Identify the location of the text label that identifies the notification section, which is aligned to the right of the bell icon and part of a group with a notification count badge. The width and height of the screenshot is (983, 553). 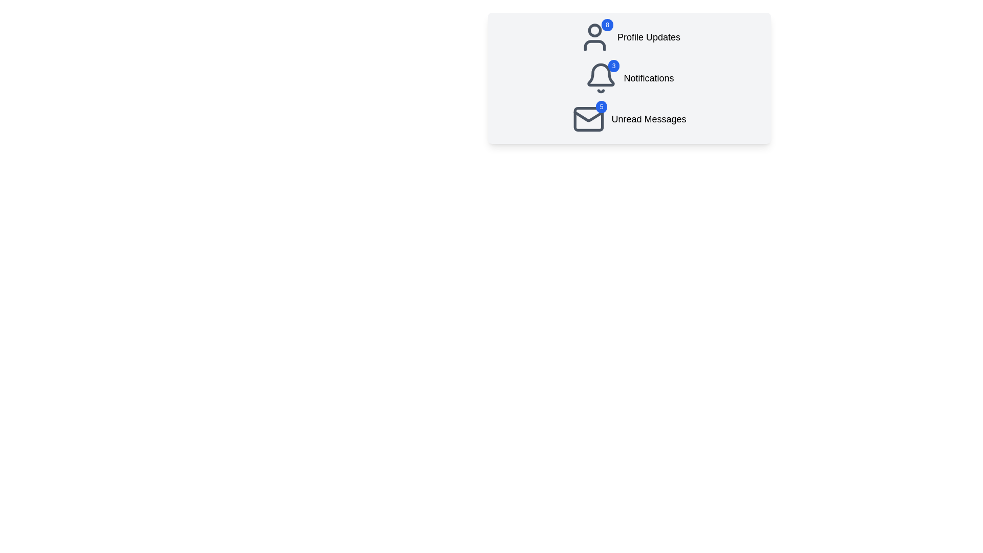
(648, 78).